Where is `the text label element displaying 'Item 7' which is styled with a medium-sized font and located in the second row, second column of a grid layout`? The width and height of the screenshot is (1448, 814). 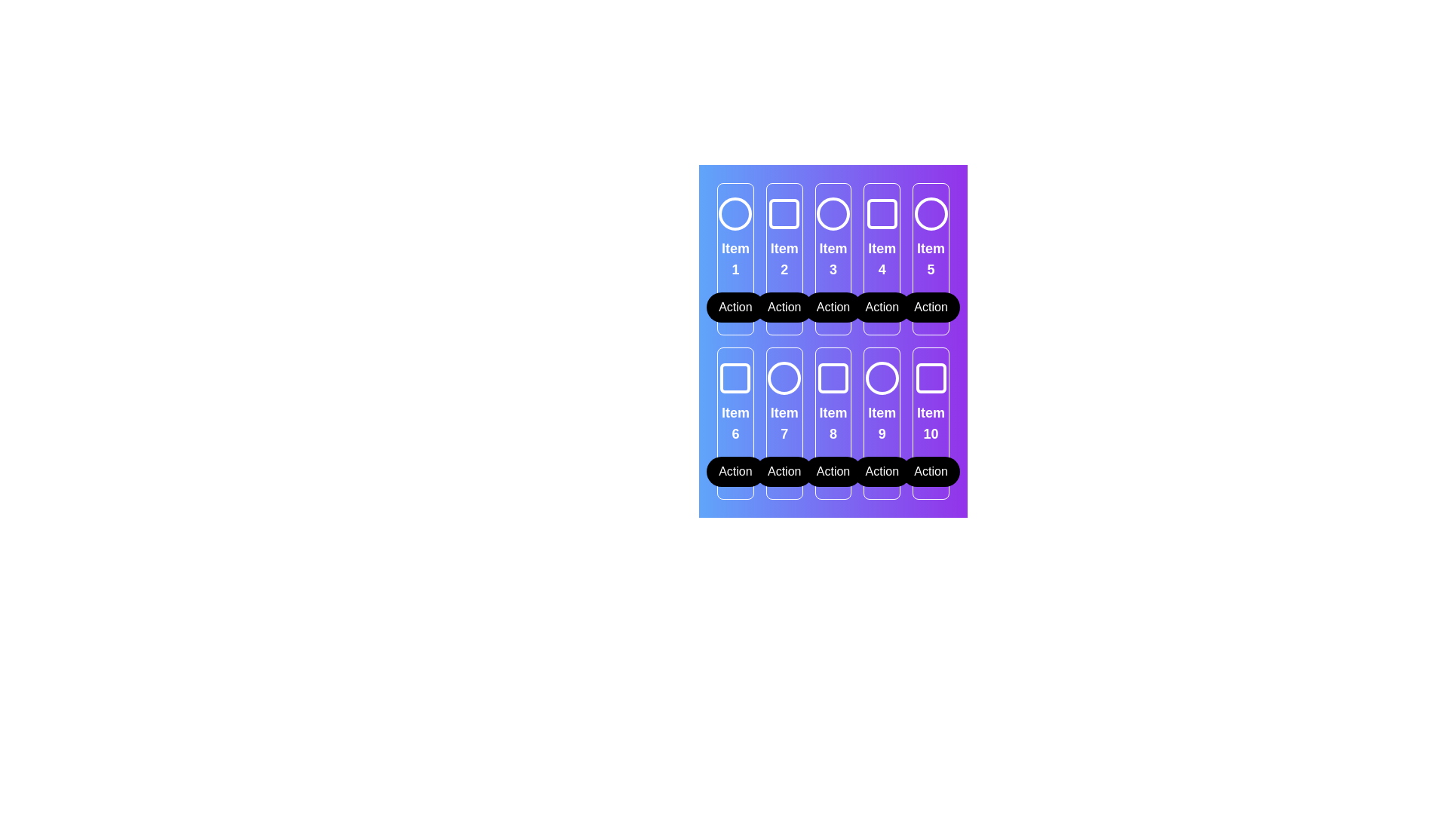
the text label element displaying 'Item 7' which is styled with a medium-sized font and located in the second row, second column of a grid layout is located at coordinates (784, 424).